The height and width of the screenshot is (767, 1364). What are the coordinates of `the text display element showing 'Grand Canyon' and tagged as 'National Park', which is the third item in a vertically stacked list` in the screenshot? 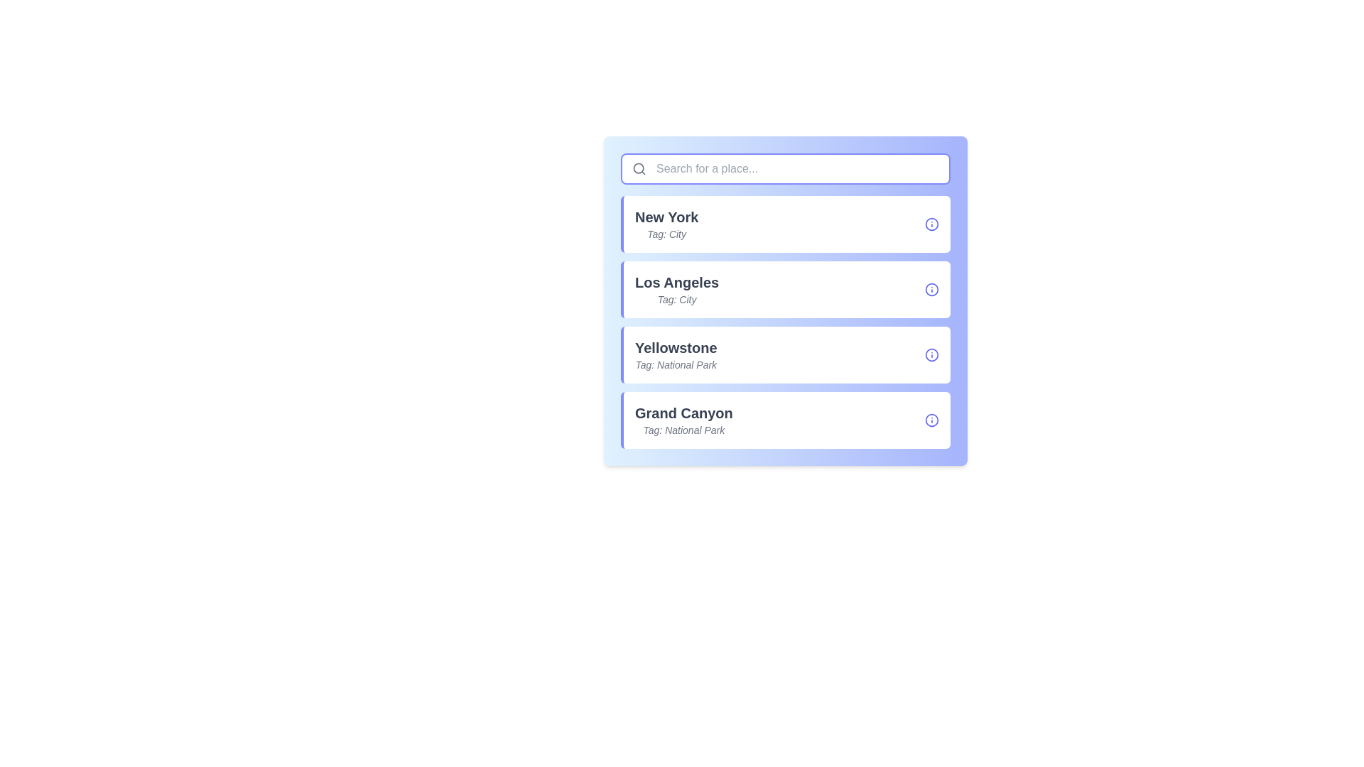 It's located at (683, 419).